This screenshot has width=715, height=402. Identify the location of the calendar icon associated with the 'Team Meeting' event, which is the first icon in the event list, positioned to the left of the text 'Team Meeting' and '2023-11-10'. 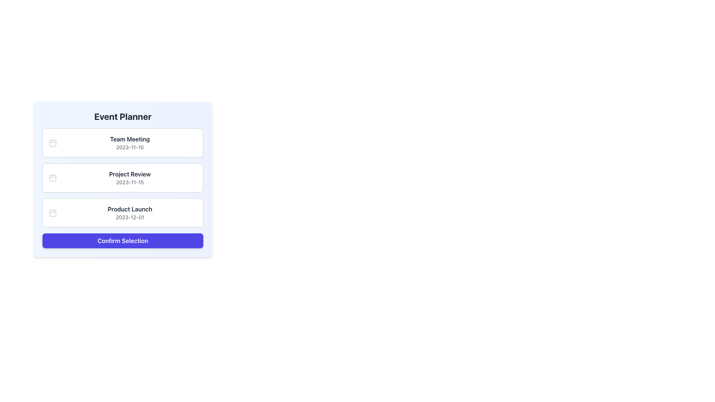
(53, 143).